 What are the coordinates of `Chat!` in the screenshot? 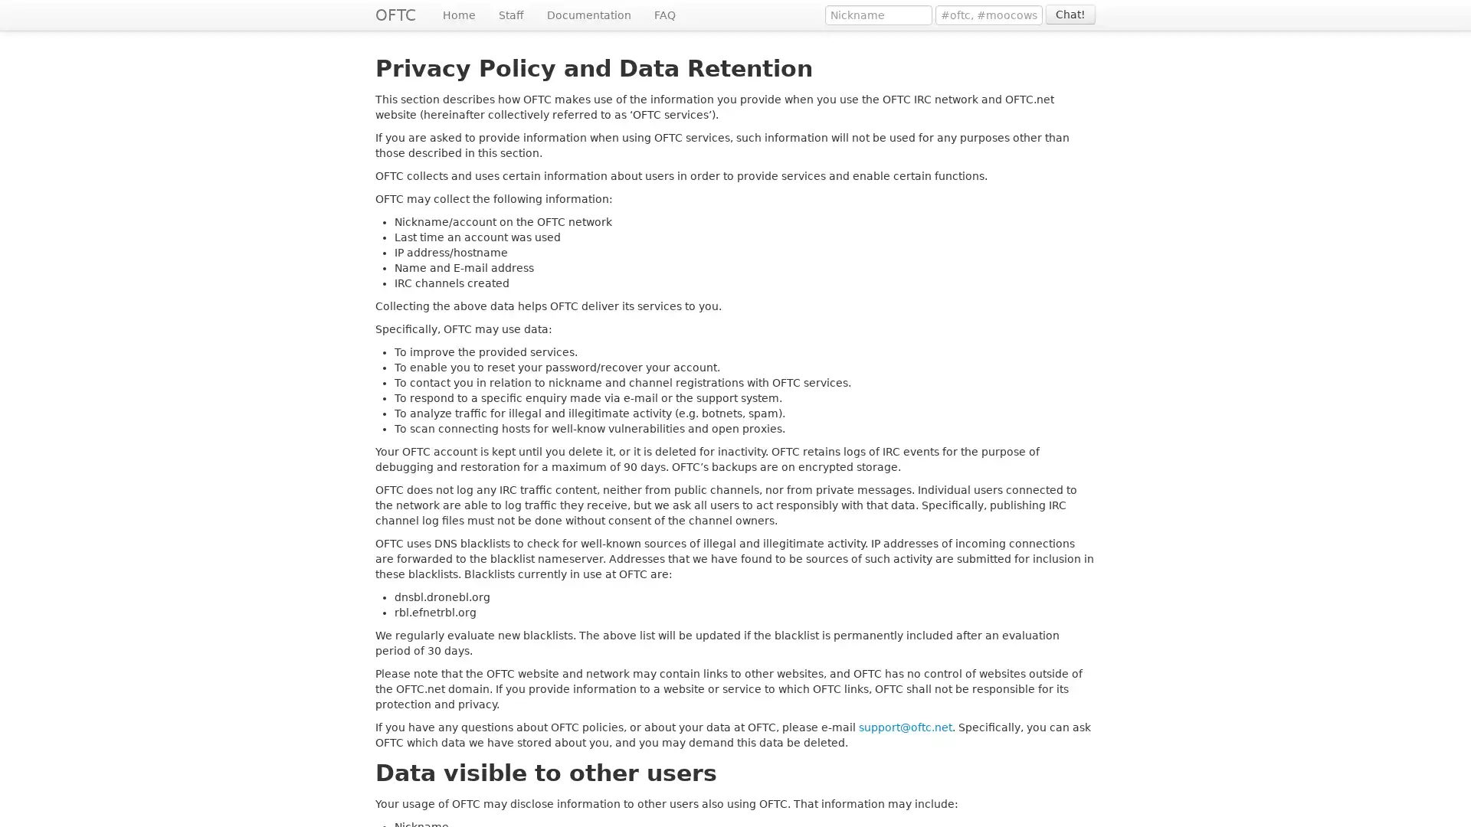 It's located at (1070, 15).